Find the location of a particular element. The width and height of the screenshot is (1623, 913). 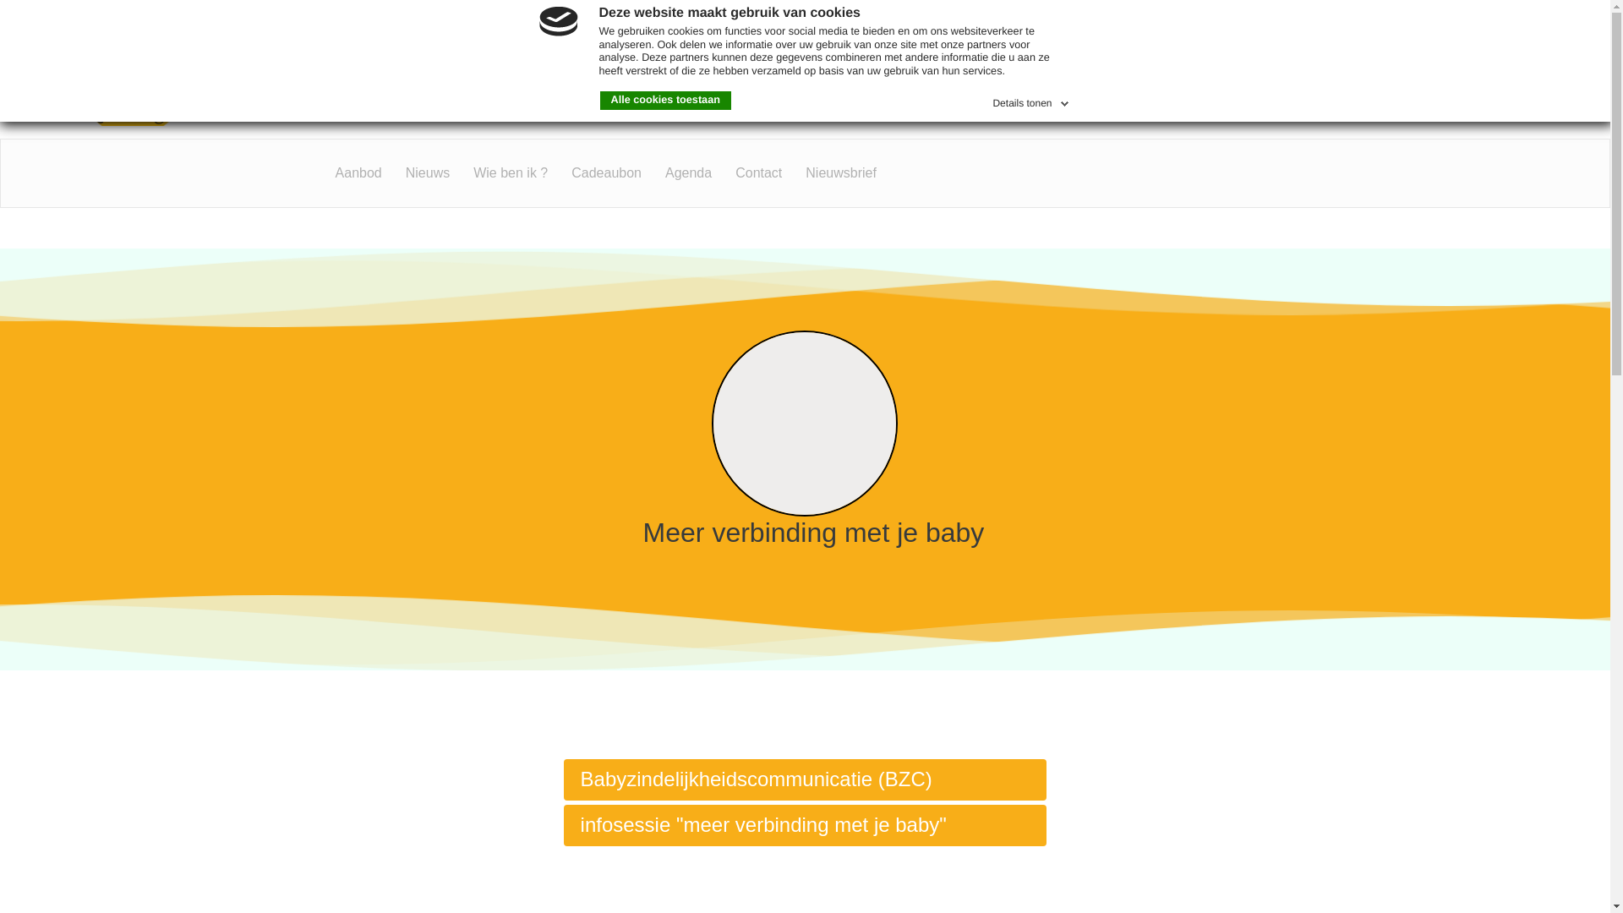

'Nieuws' is located at coordinates (406, 172).